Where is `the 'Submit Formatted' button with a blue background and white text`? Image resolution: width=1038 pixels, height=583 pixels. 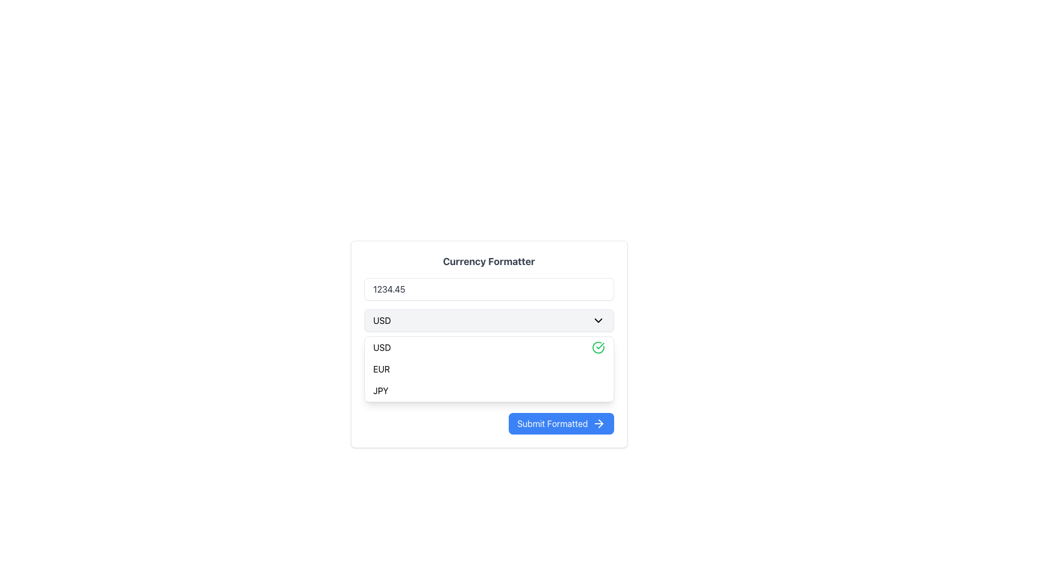
the 'Submit Formatted' button with a blue background and white text is located at coordinates (561, 423).